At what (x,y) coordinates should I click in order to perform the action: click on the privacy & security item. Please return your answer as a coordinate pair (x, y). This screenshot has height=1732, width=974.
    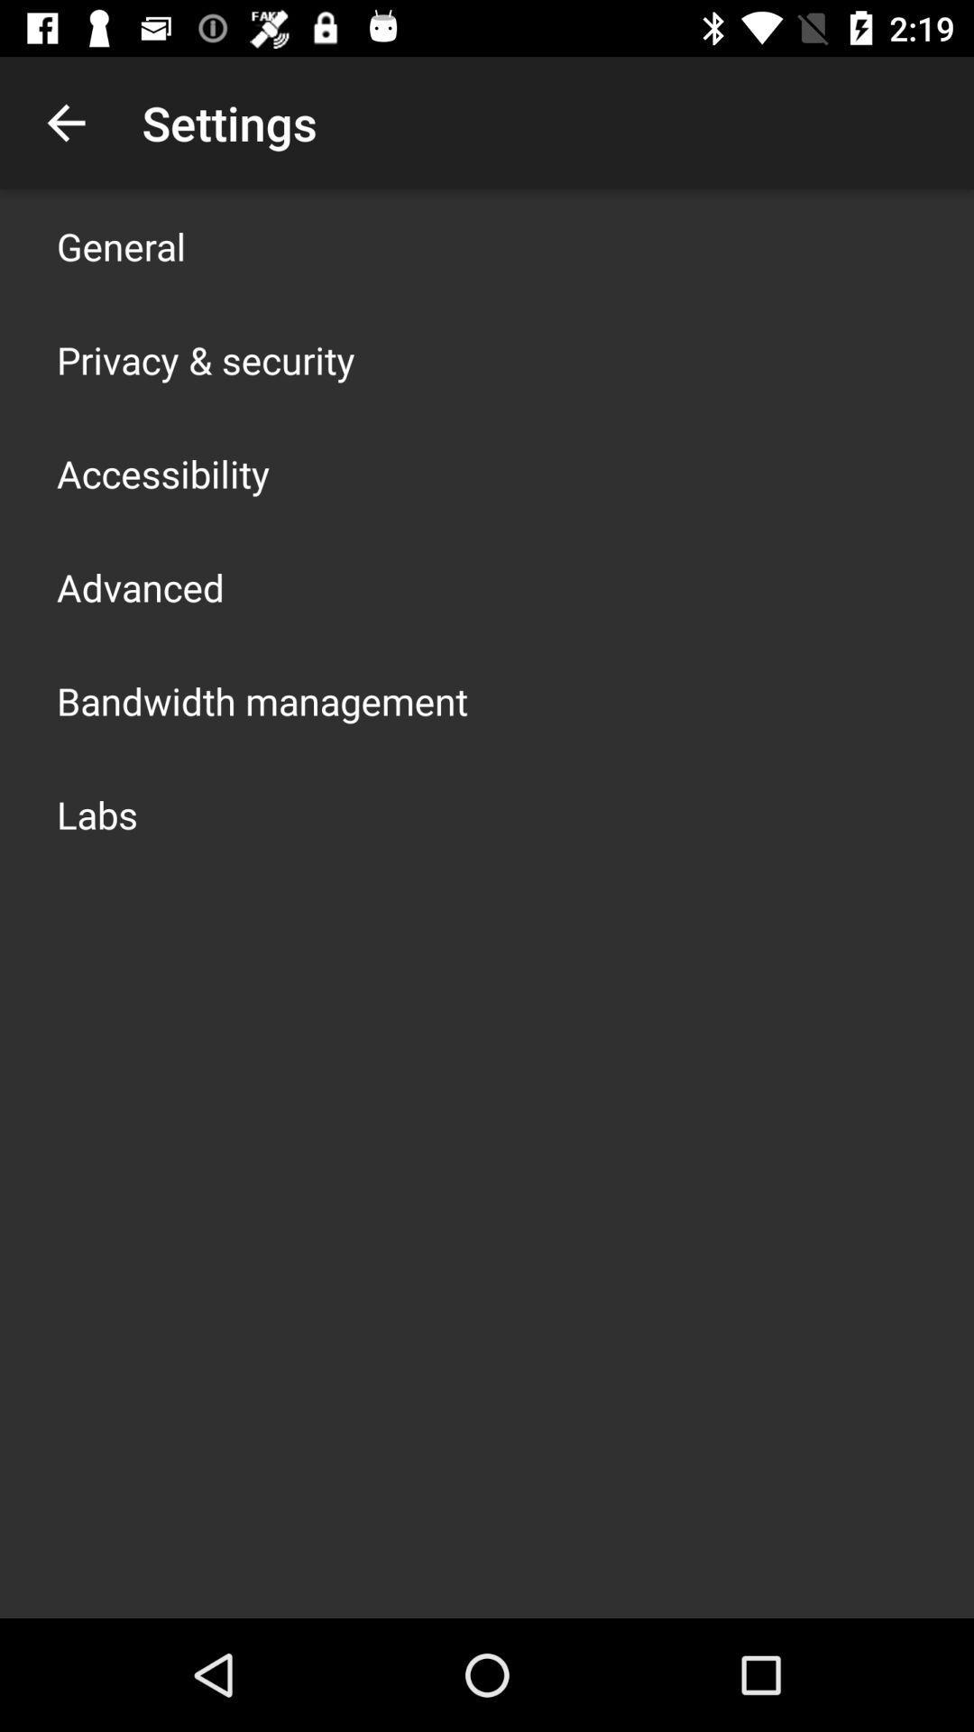
    Looking at the image, I should click on (205, 359).